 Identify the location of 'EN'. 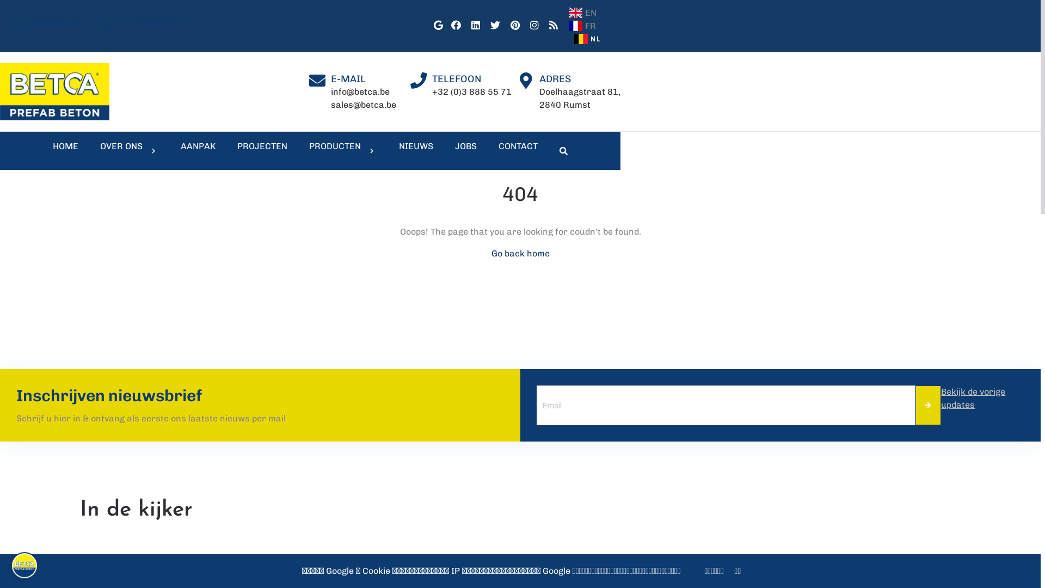
(587, 13).